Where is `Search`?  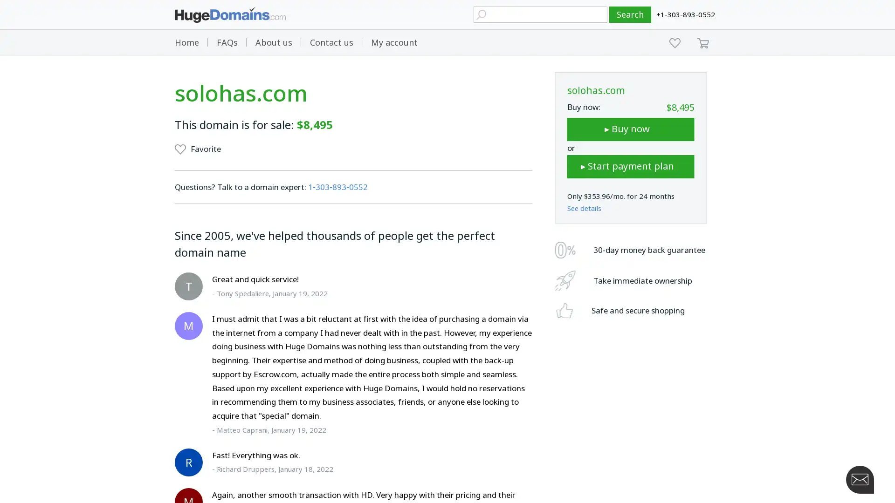 Search is located at coordinates (630, 14).